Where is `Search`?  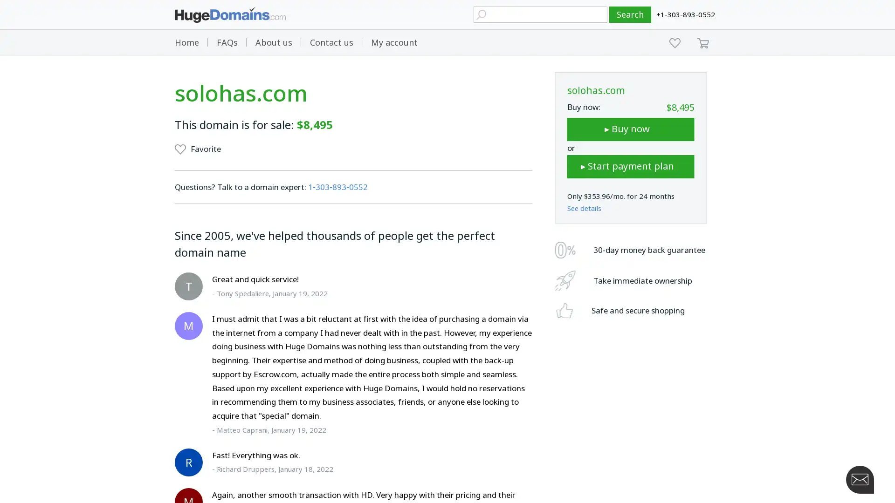 Search is located at coordinates (630, 14).